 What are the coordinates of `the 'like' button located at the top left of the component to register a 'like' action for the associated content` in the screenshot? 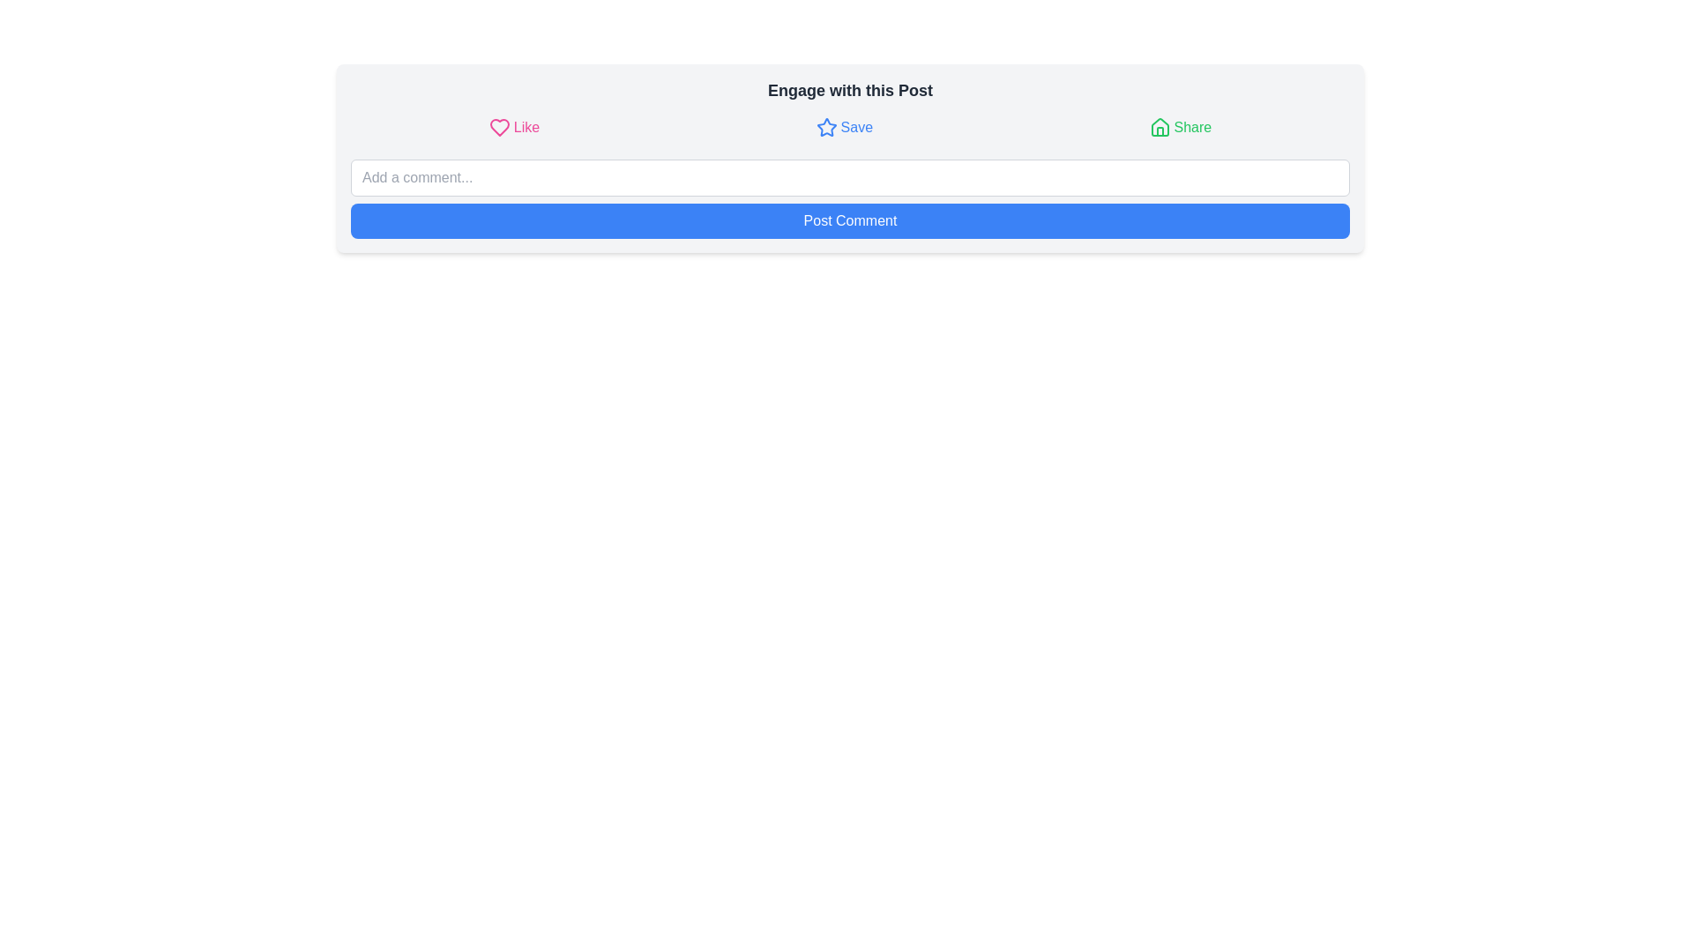 It's located at (513, 127).